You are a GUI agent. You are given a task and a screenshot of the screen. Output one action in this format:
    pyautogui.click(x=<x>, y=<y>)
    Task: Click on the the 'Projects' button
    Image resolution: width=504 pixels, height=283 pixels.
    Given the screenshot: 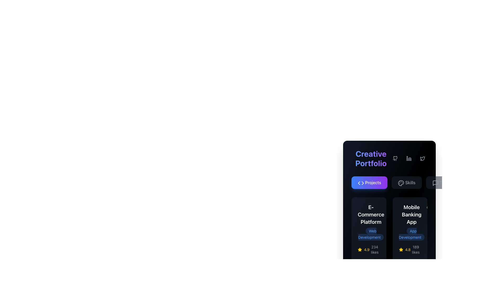 What is the action you would take?
    pyautogui.click(x=369, y=182)
    